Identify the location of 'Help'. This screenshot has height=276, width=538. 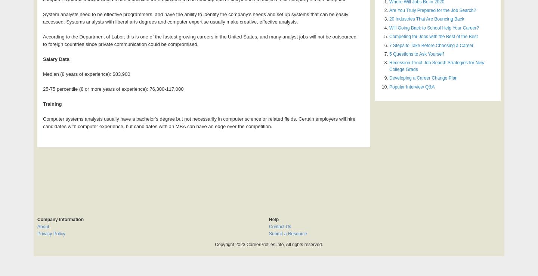
(269, 219).